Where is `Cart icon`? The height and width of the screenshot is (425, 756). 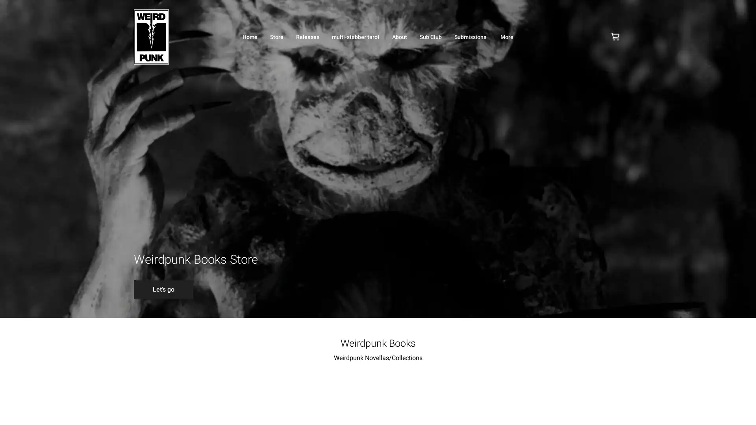 Cart icon is located at coordinates (614, 36).